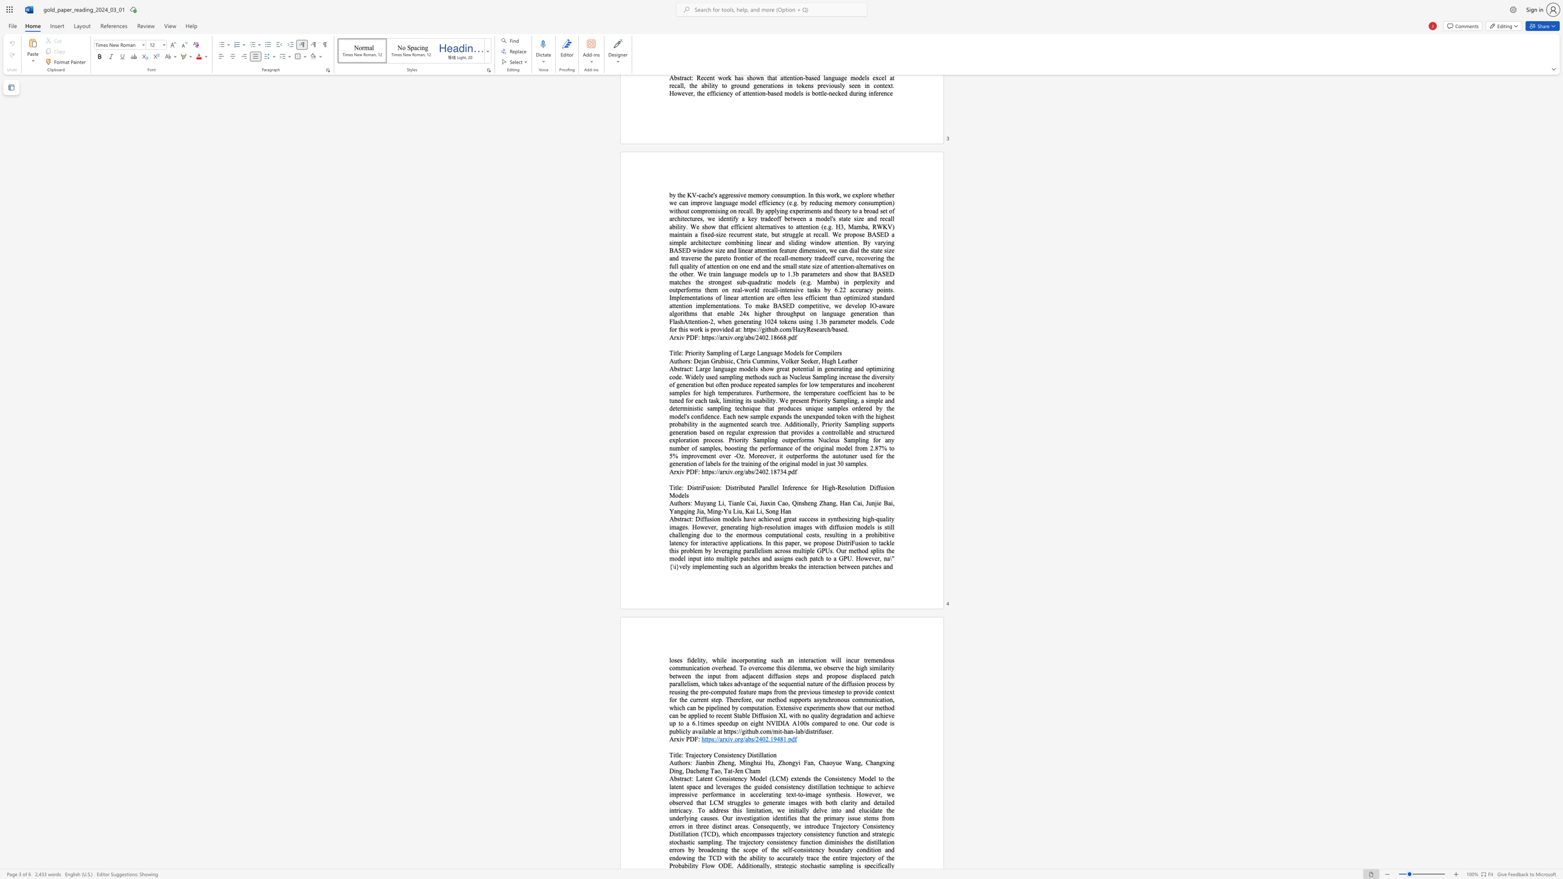 The image size is (1563, 879). Describe the element at coordinates (760, 503) in the screenshot. I see `the subset text "Jiaxin Cao, Qinsheng Zhang, Han Cai, Junjie Bai, Yangqing" within the text "Muyang Li, Tianle Cai, Jiaxin Cao, Qinsheng Zhang, Han Cai, Junjie Bai, Yangqing Jia, Ming-Yu Liu, Kai Li, Song Han"` at that location.